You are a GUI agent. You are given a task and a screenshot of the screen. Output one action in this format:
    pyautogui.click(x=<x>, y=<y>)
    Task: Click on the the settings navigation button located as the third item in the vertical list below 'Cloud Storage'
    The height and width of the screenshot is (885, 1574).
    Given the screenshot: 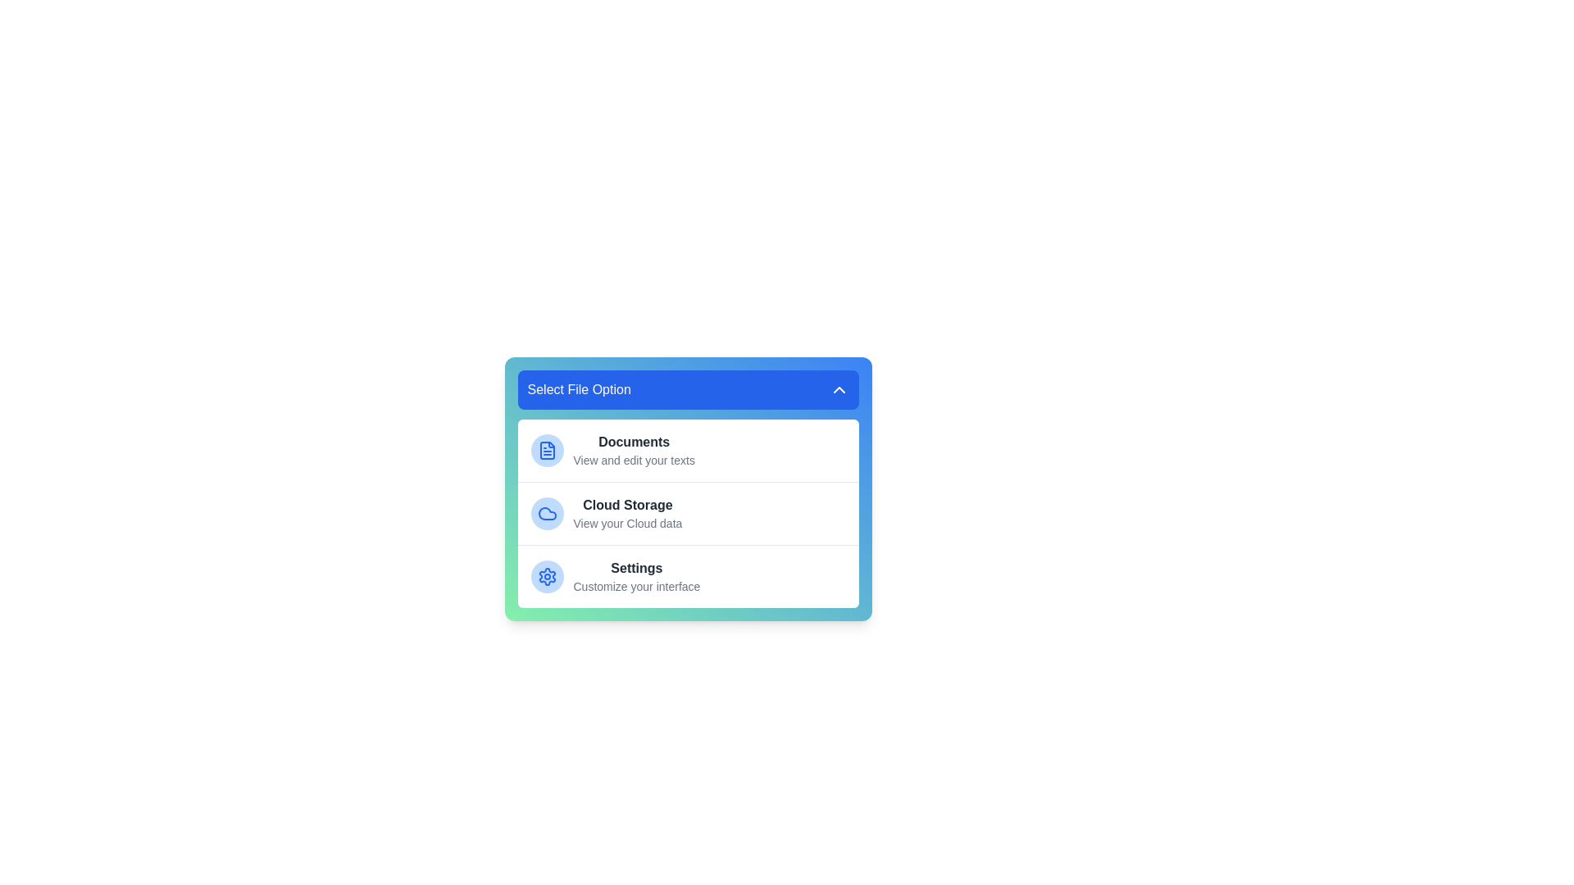 What is the action you would take?
    pyautogui.click(x=688, y=575)
    